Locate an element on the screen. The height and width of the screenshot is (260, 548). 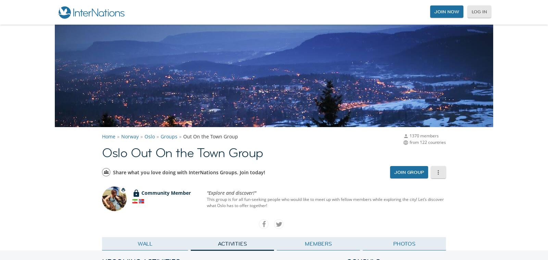
'Oslo' is located at coordinates (149, 136).